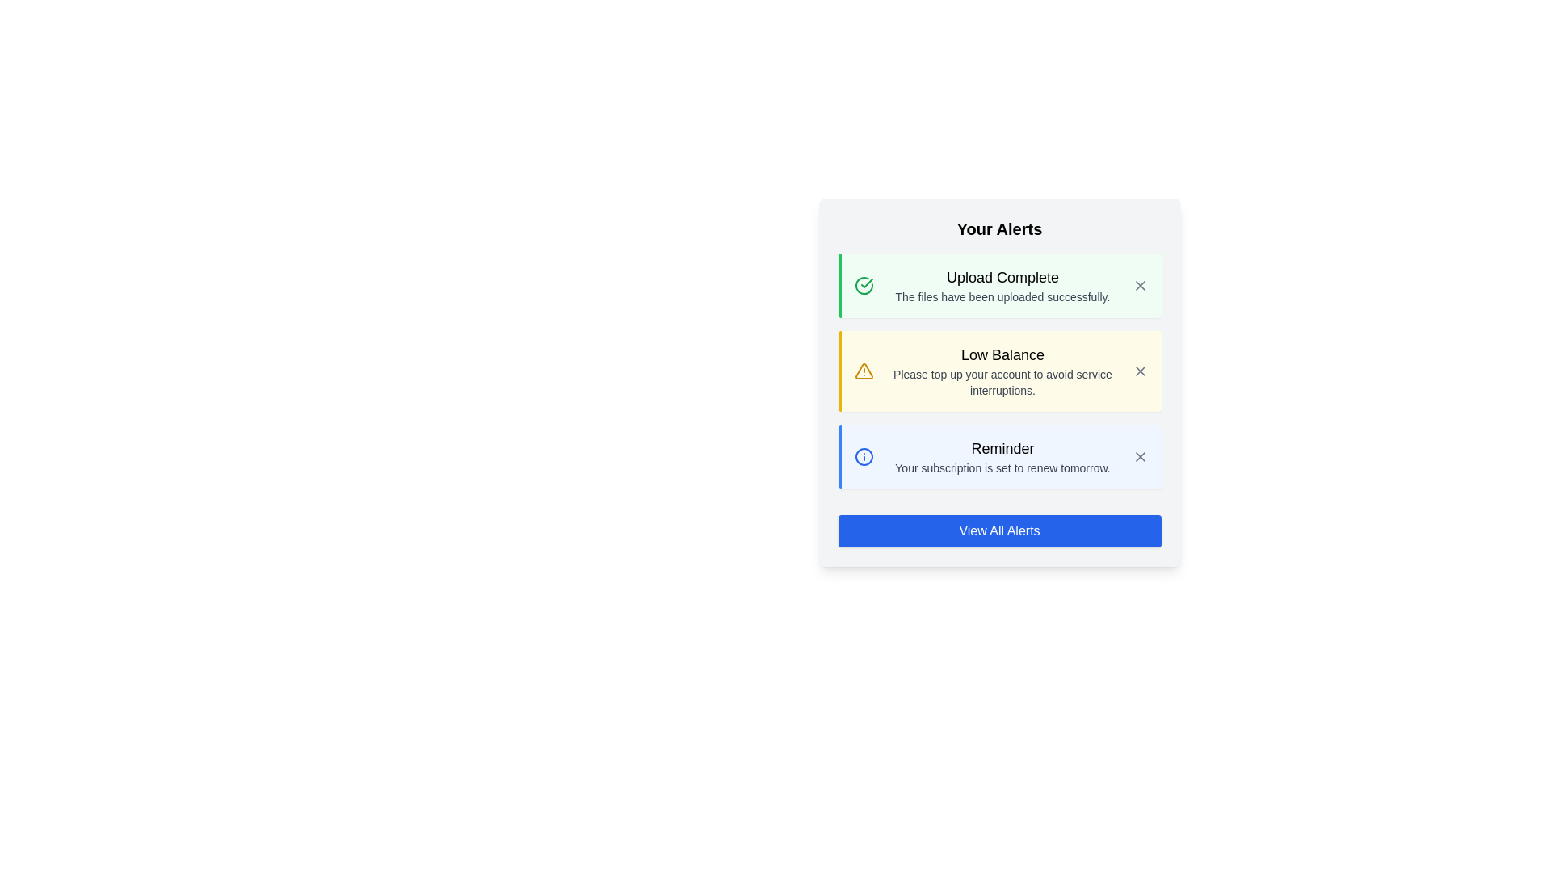 This screenshot has width=1551, height=872. Describe the element at coordinates (1139, 457) in the screenshot. I see `the dismissal button` at that location.